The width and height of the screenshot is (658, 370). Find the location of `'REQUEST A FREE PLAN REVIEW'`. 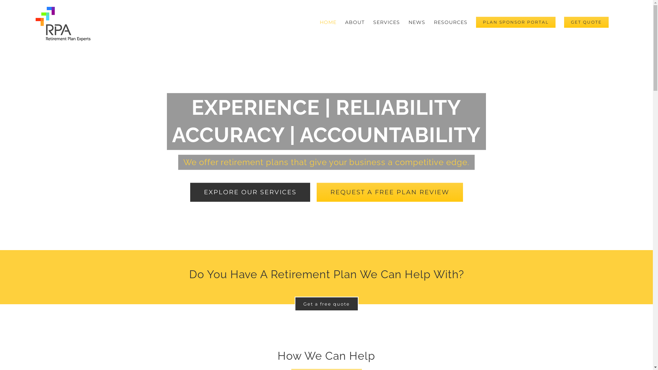

'REQUEST A FREE PLAN REVIEW' is located at coordinates (390, 192).